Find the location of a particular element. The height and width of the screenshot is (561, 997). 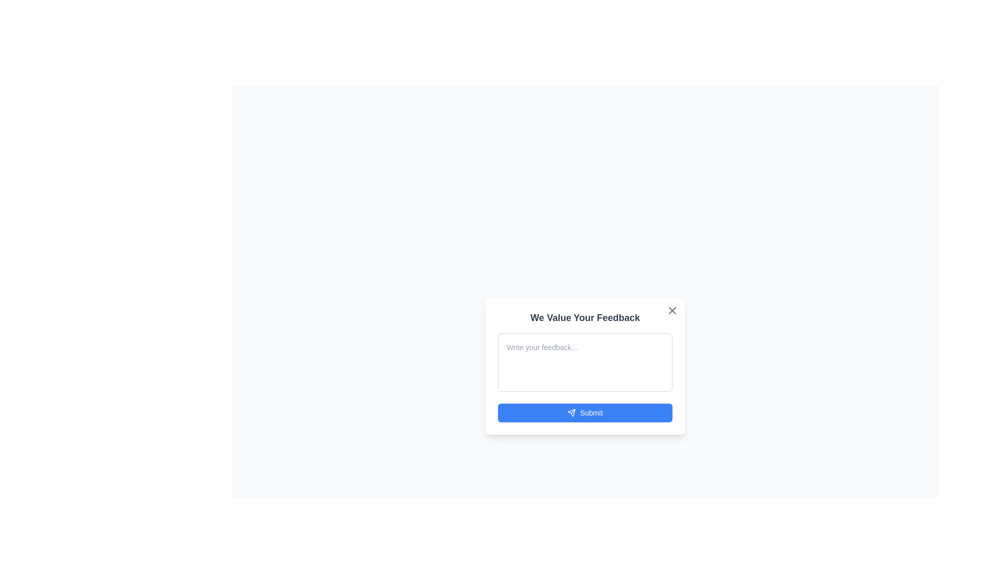

the Close Icon located in the top-right corner of the 'We Value Your Feedback' dialog box is located at coordinates (672, 310).